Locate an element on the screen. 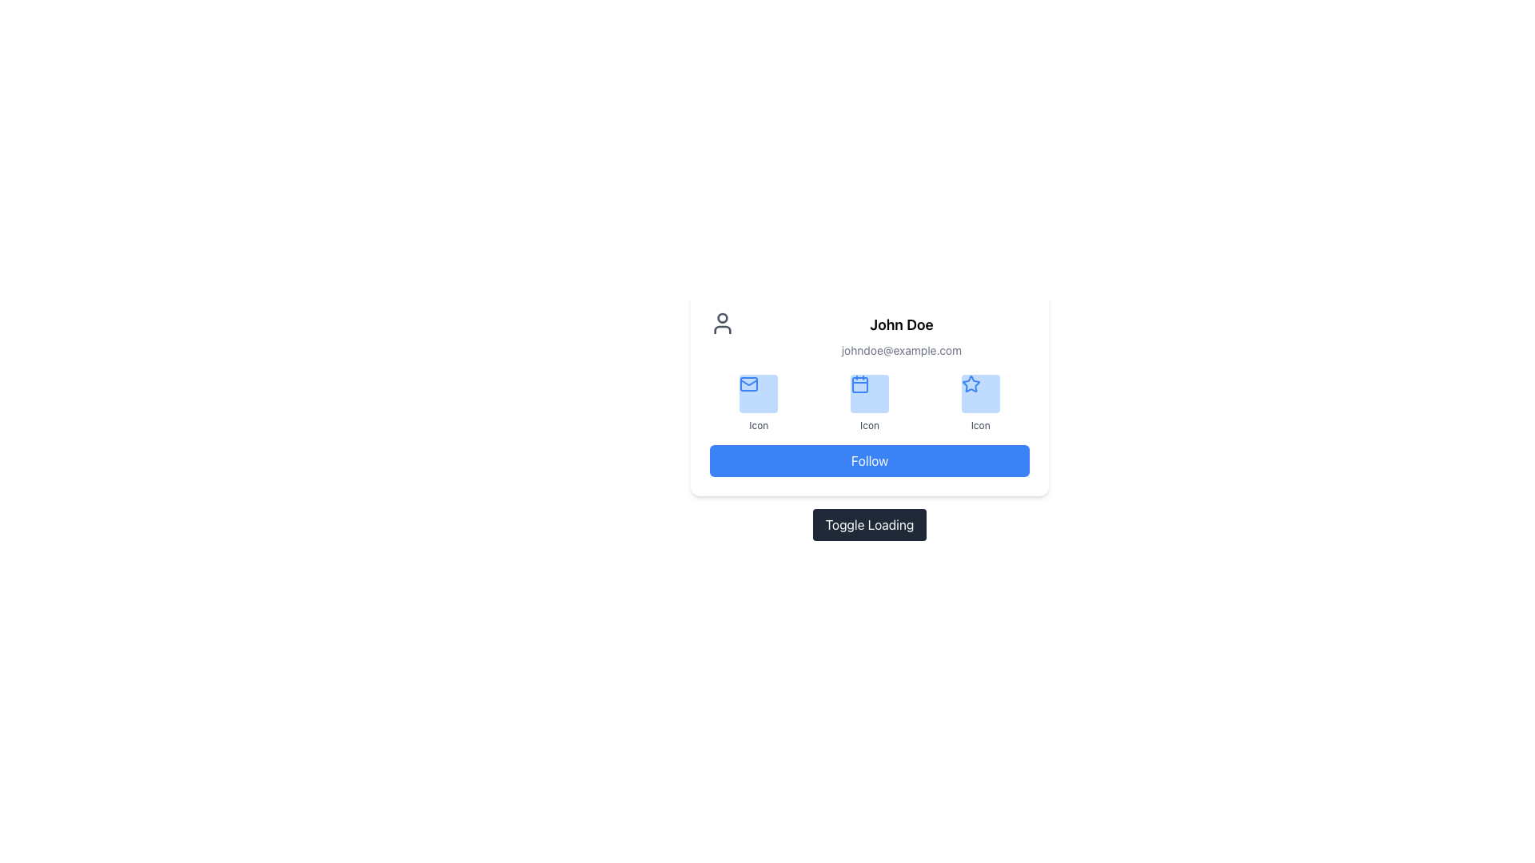 Image resolution: width=1535 pixels, height=863 pixels. the middle section of the Grid Section that provides accessible options related to the user profile, such as calendar or events management is located at coordinates (869, 403).